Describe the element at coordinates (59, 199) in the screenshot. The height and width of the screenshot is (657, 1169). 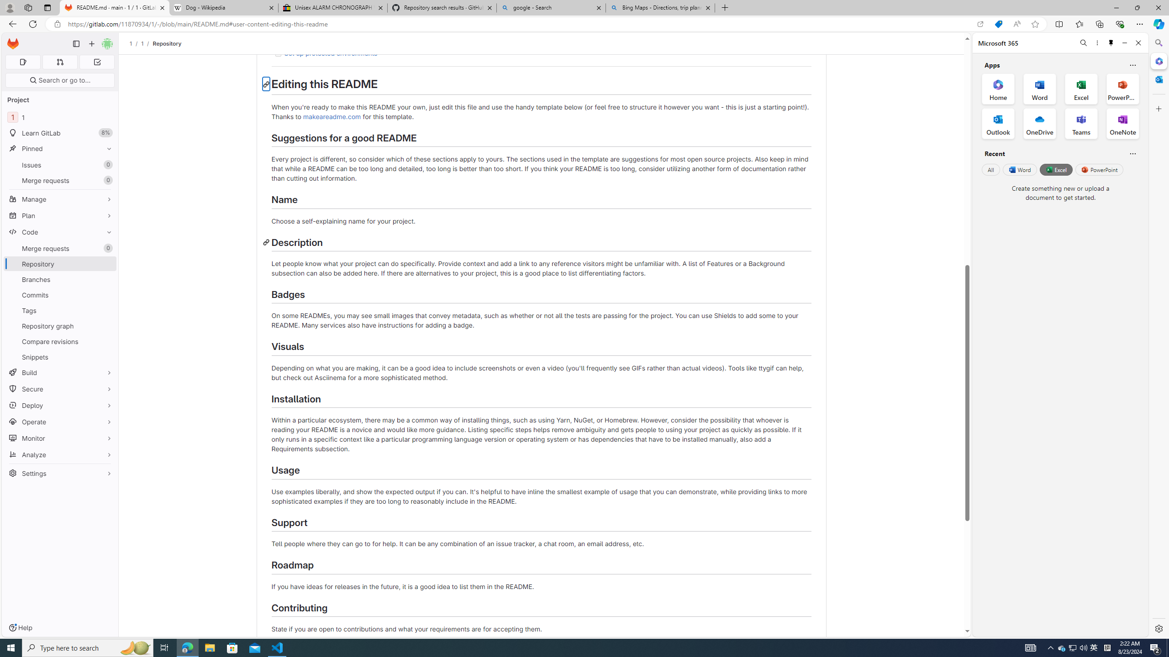
I see `'Manage'` at that location.